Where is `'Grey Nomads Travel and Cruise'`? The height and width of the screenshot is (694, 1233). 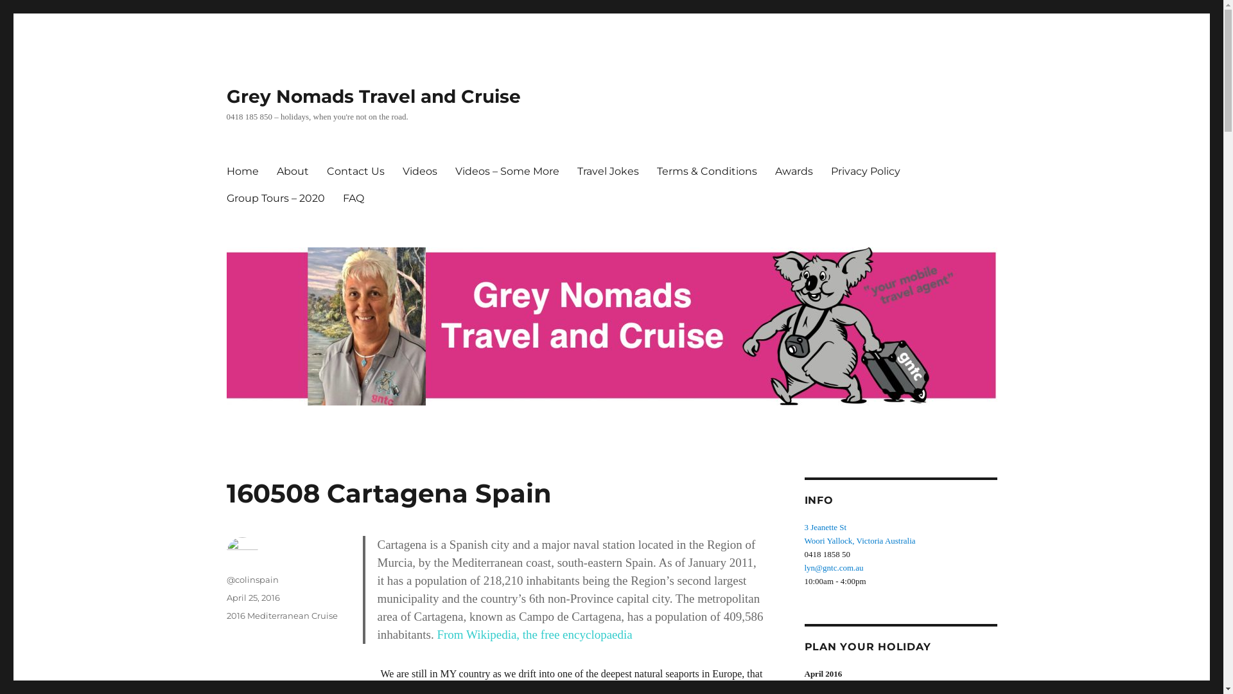
'Grey Nomads Travel and Cruise' is located at coordinates (372, 96).